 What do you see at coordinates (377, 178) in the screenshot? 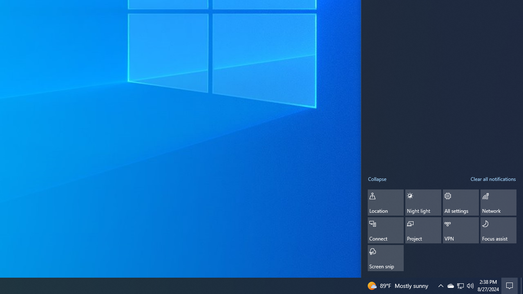
I see `'Collapse quick actions'` at bounding box center [377, 178].